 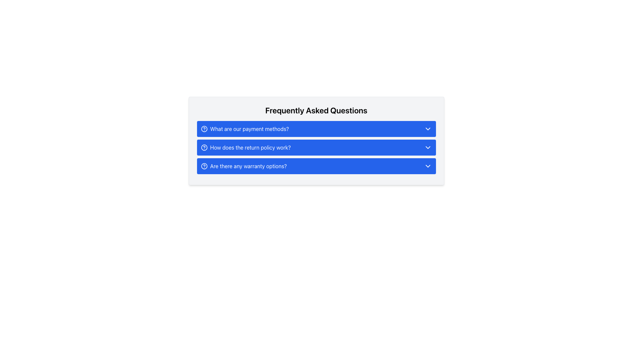 What do you see at coordinates (204, 166) in the screenshot?
I see `the circular question mark icon located within the blue button labeled 'Are there any warranty options?', which is the leftmost element` at bounding box center [204, 166].